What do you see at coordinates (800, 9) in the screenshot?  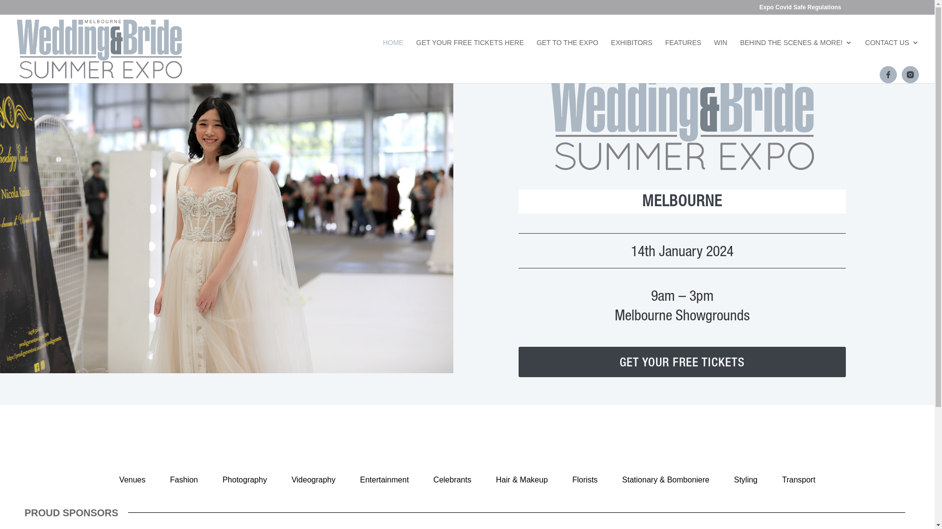 I see `'Expo Covid Safe Regulations'` at bounding box center [800, 9].